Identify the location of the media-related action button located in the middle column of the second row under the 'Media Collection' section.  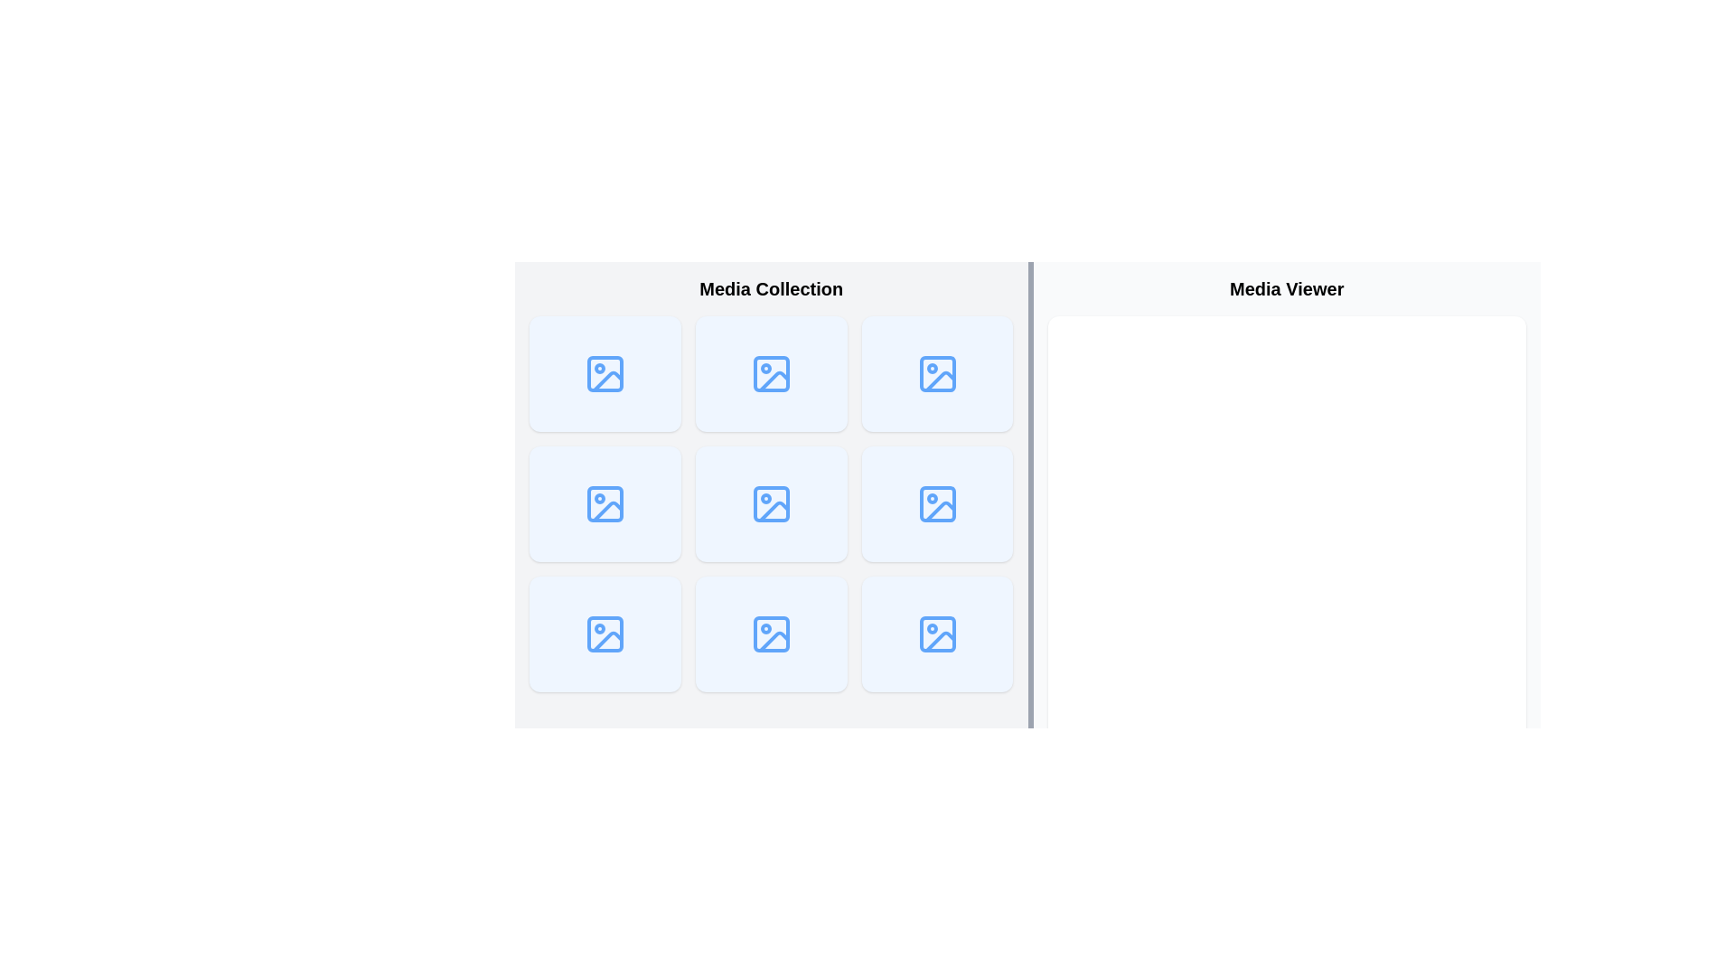
(771, 504).